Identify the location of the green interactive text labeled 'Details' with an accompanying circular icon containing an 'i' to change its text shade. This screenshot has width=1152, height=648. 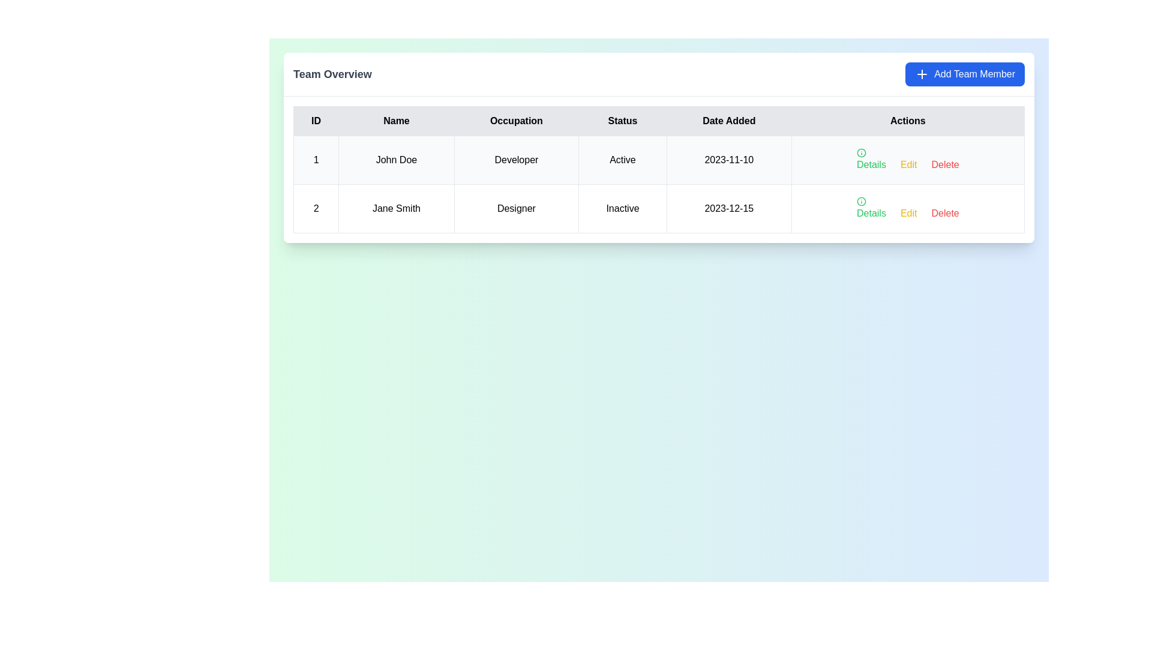
(871, 208).